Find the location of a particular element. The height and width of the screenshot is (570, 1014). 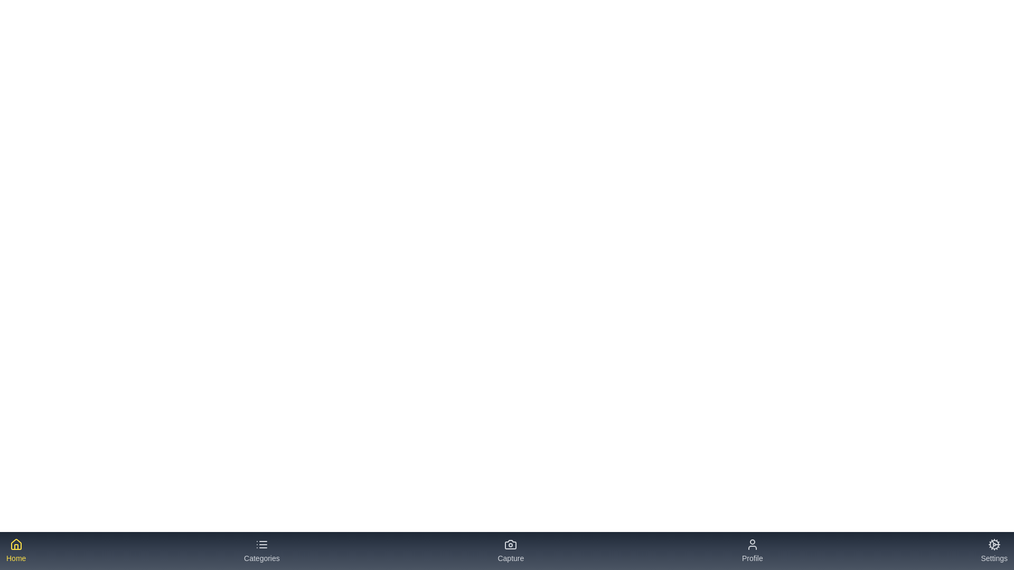

the Capture tab in the bottom navigation bar is located at coordinates (511, 550).